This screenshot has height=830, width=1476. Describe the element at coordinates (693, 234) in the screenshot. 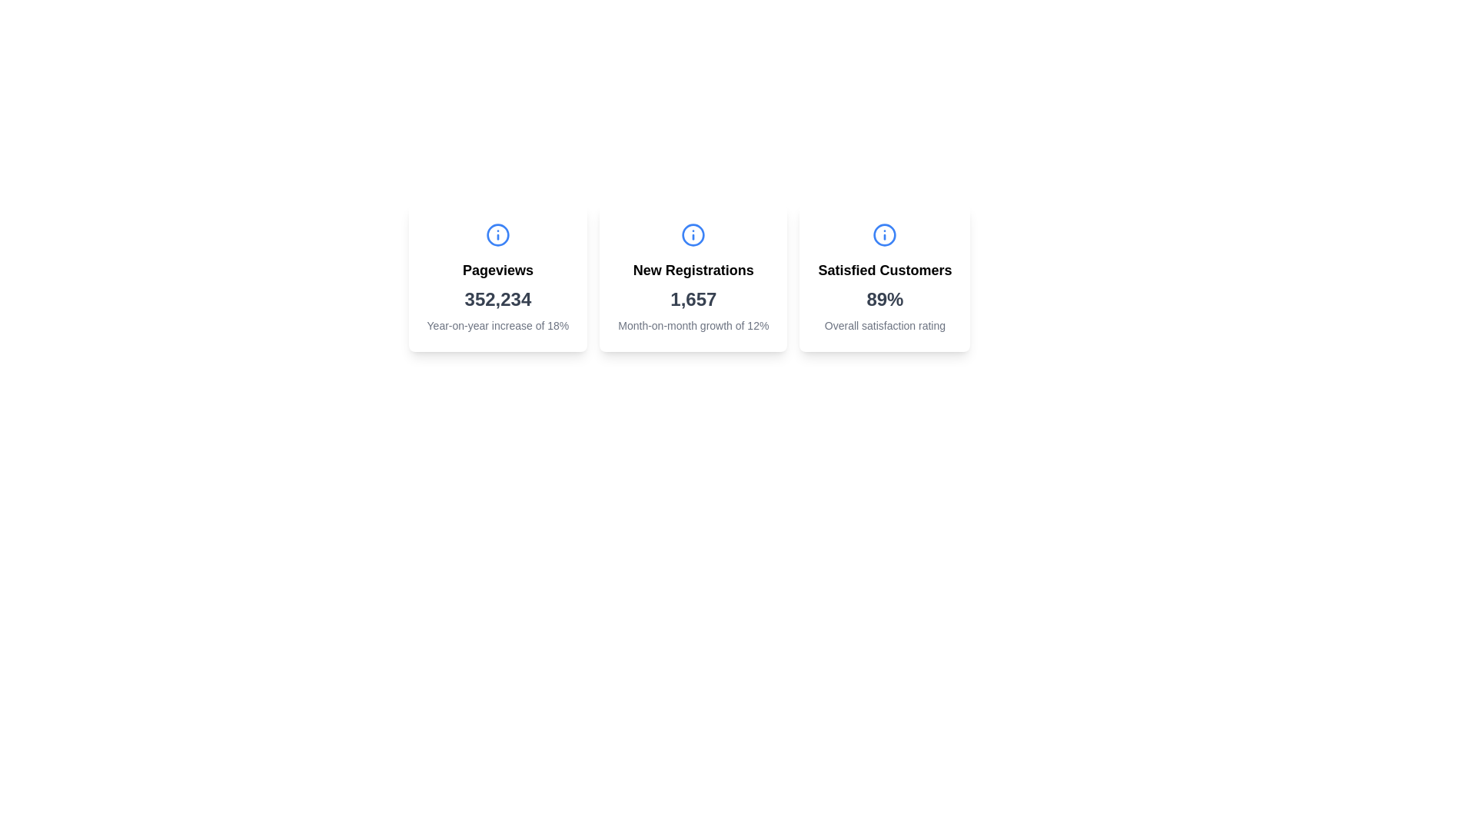

I see `the information icon, which is a blue circular icon with a lowercase 'i' centered above the 'New Registrations' heading in the card labeled 'New Registrations'` at that location.